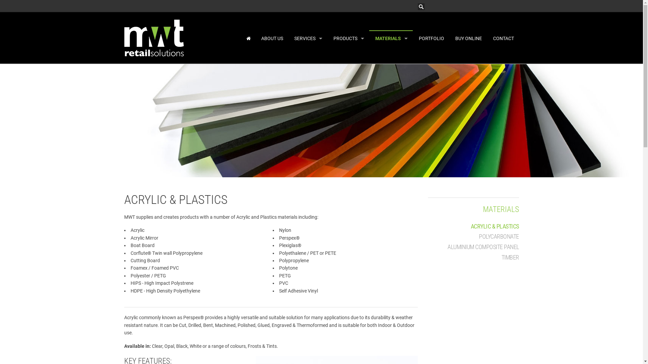 The height and width of the screenshot is (364, 648). What do you see at coordinates (483, 247) in the screenshot?
I see `'ALUMINIUM COMPOSITE PANEL'` at bounding box center [483, 247].